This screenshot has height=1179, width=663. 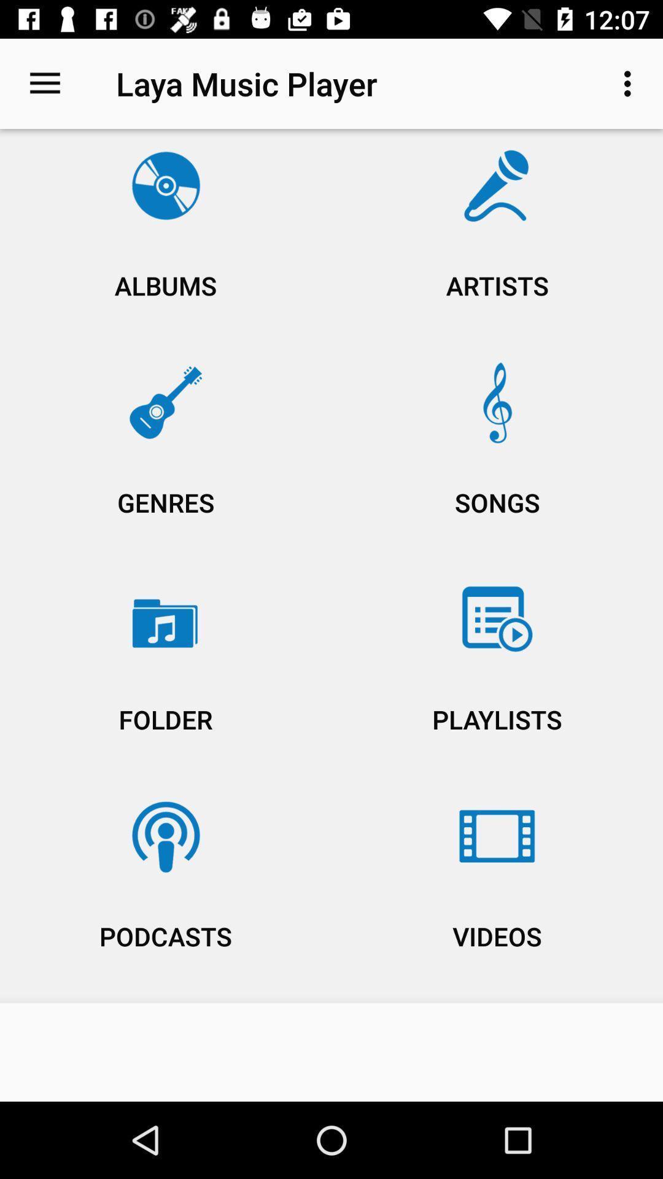 I want to click on icon next to the albums icon, so click(x=497, y=240).